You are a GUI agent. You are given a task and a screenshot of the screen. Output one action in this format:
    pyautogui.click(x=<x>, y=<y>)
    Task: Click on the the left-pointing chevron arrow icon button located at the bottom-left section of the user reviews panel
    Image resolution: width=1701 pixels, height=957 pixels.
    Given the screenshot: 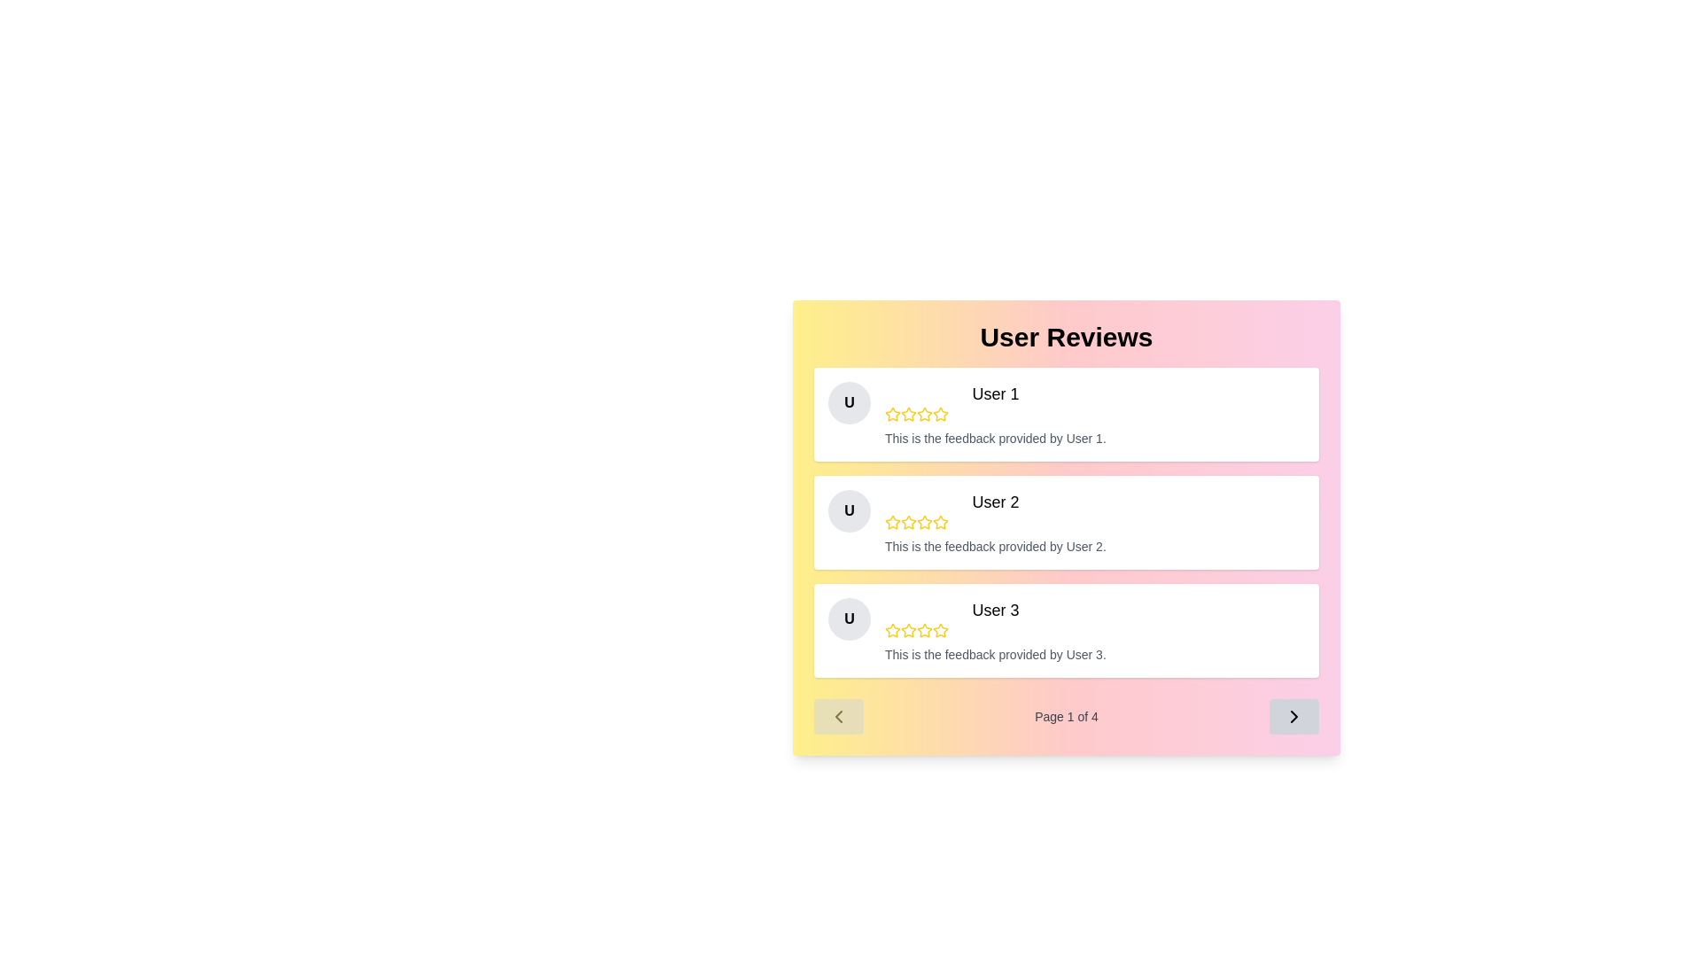 What is the action you would take?
    pyautogui.click(x=837, y=716)
    